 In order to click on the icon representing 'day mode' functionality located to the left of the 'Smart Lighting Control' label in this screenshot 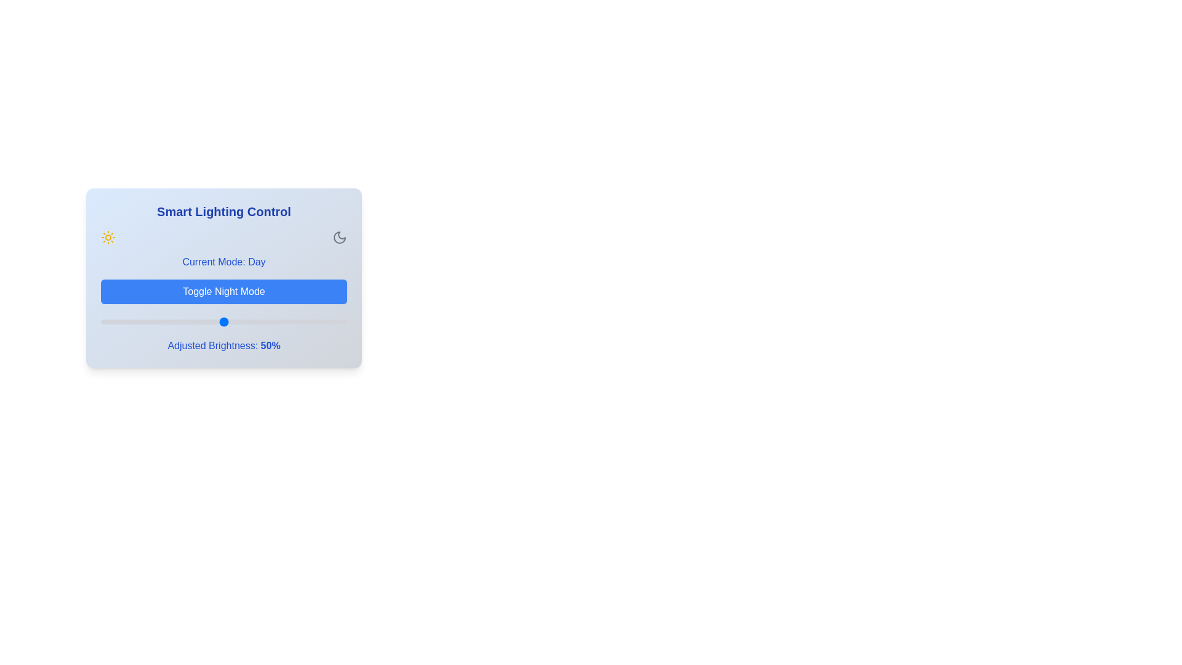, I will do `click(108, 237)`.